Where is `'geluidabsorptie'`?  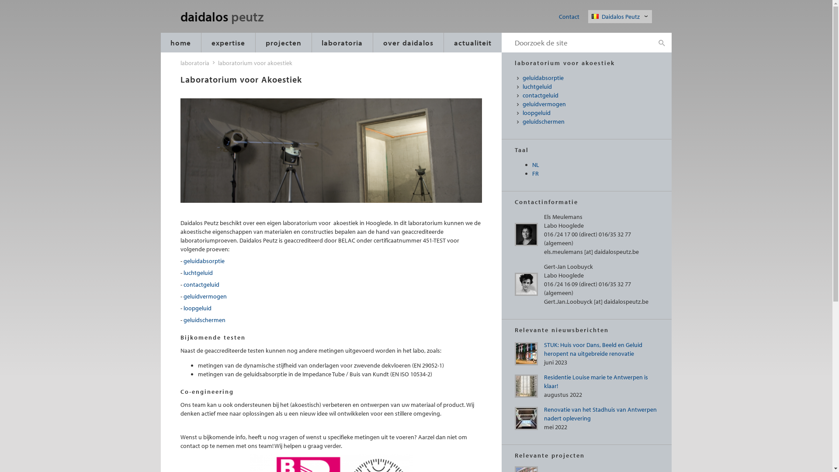 'geluidabsorptie' is located at coordinates (591, 77).